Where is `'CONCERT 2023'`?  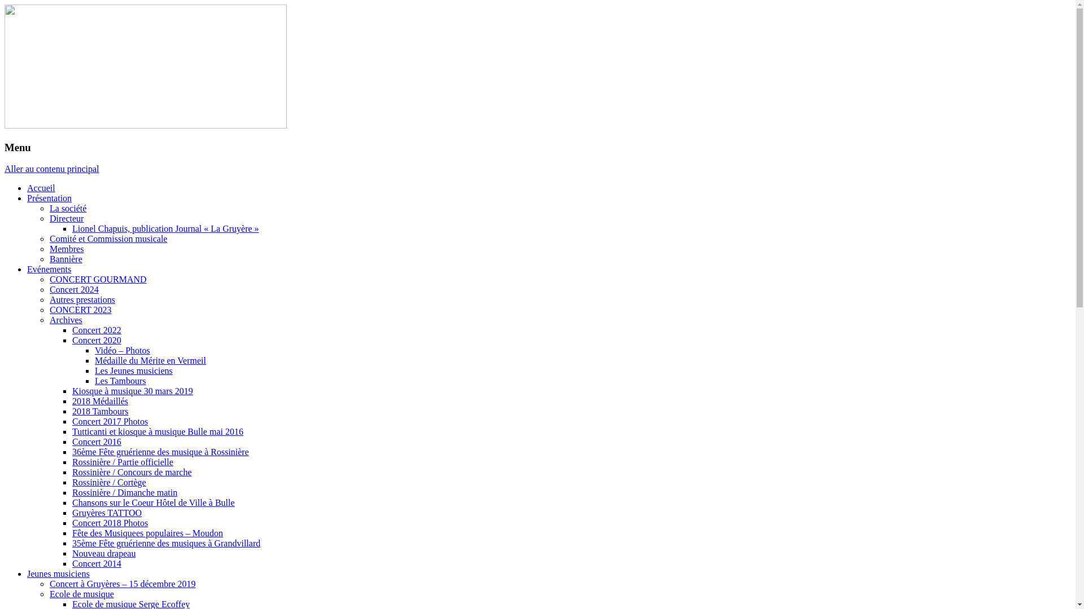 'CONCERT 2023' is located at coordinates (49, 310).